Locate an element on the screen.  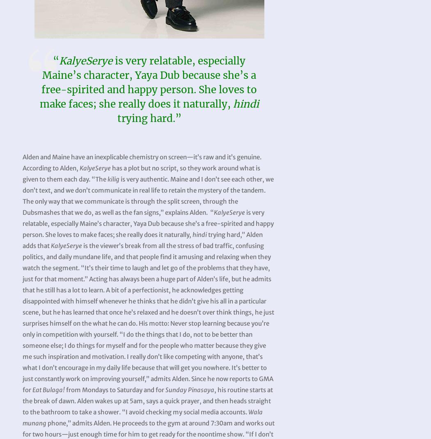
'trying hard,” Alden adds that' is located at coordinates (142, 240).